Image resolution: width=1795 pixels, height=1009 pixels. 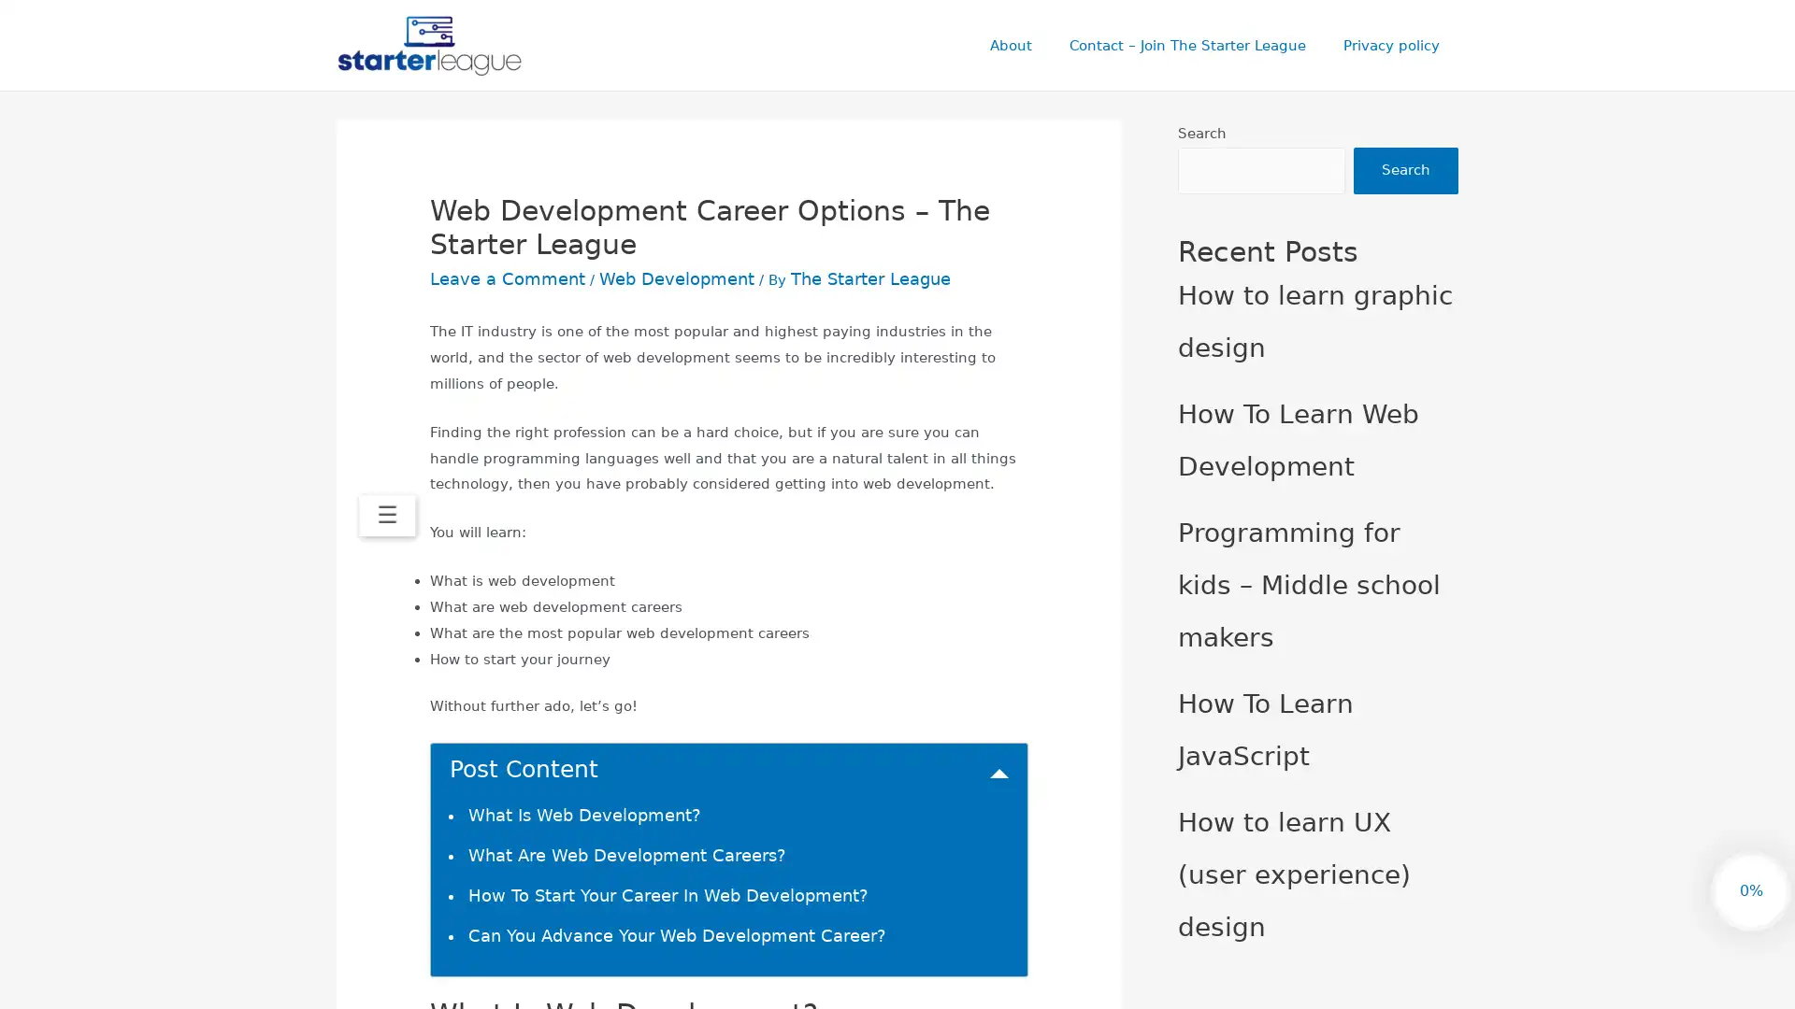 I want to click on Search, so click(x=1405, y=173).